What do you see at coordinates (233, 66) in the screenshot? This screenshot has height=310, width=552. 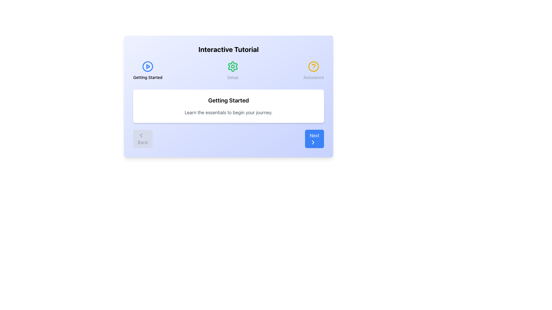 I see `circular decoration within the settings gear icon located at the top center of the interface labeled 'Setup.'` at bounding box center [233, 66].